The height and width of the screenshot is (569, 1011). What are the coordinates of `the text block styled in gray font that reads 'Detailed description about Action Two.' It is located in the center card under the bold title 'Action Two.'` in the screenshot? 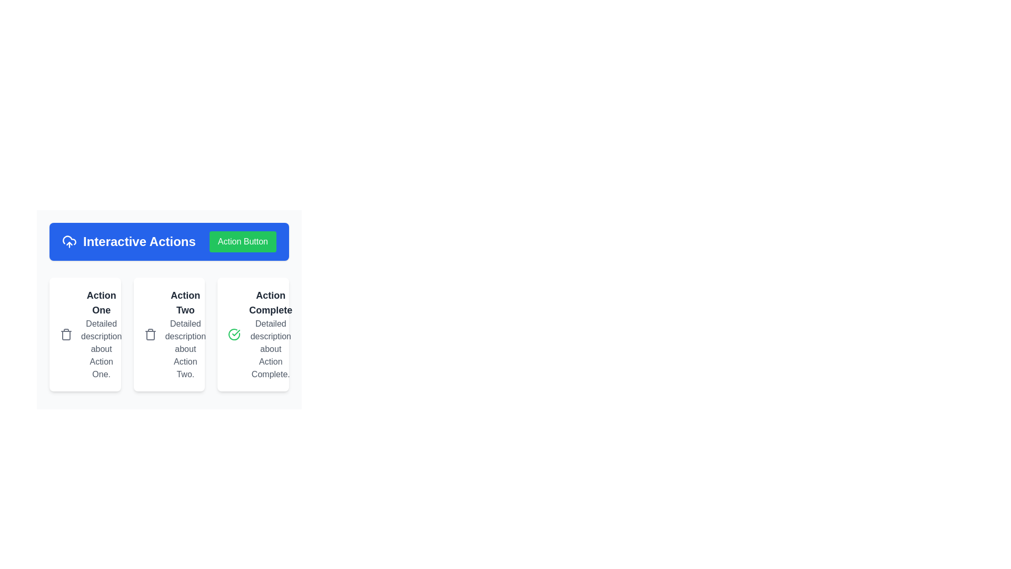 It's located at (185, 349).